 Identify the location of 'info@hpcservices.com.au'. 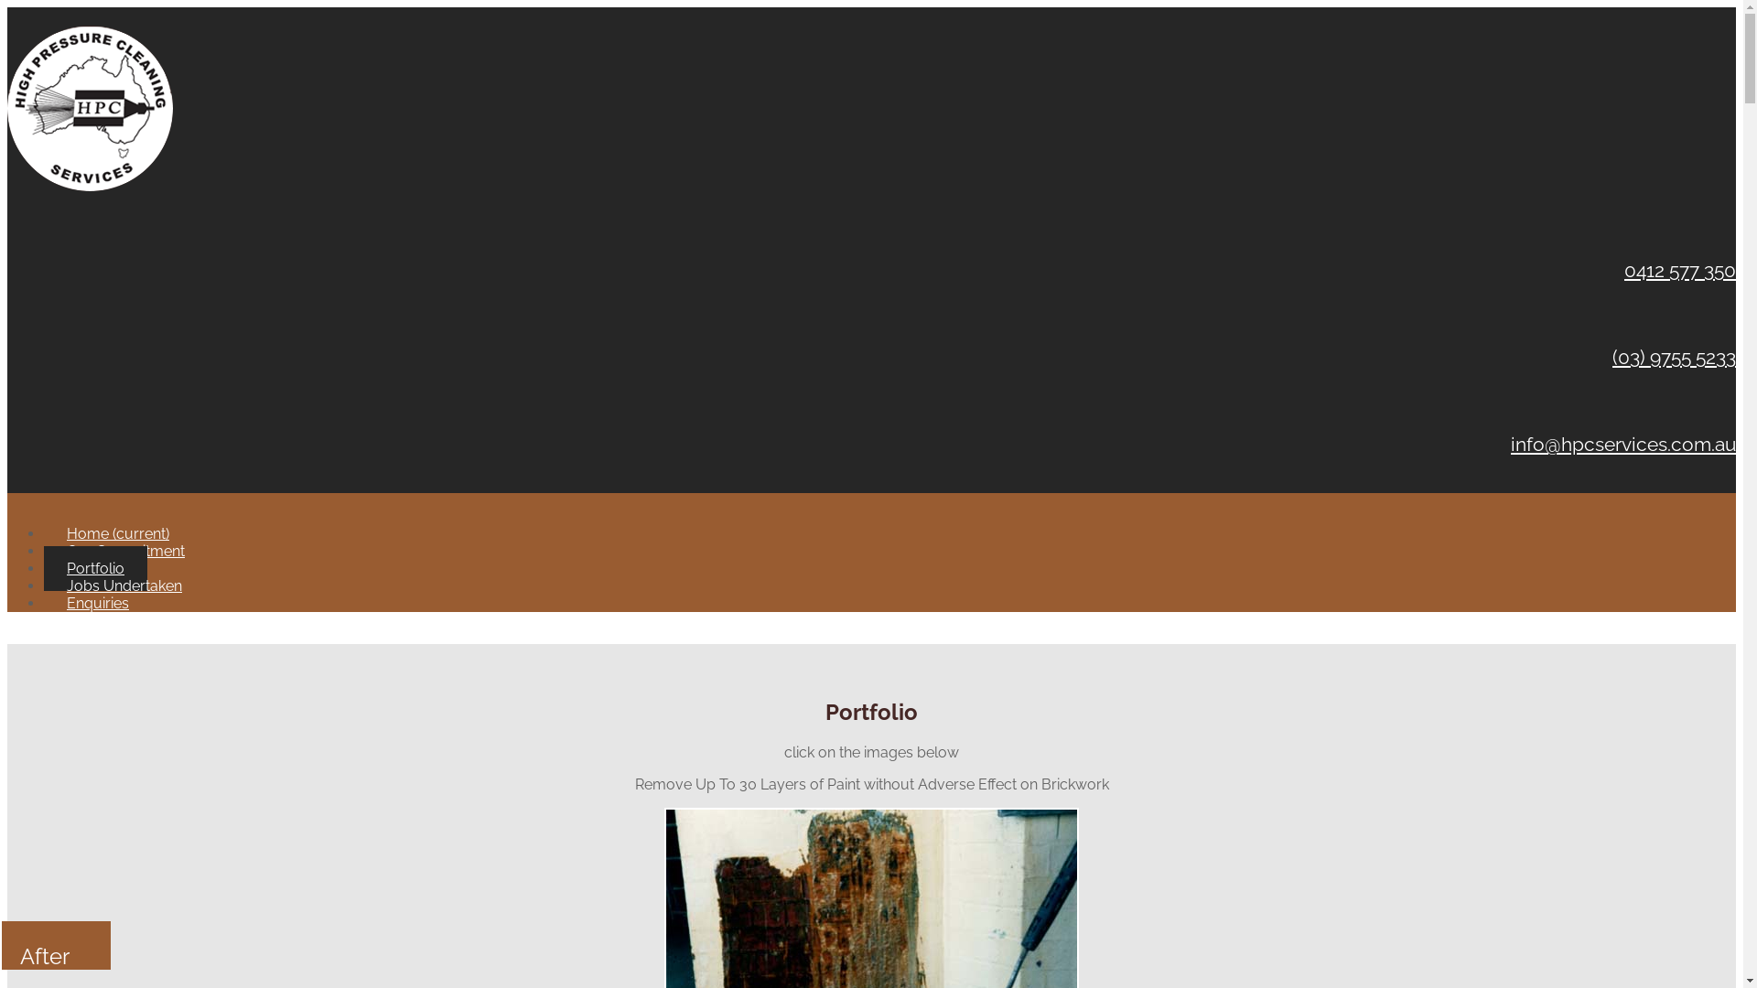
(1623, 444).